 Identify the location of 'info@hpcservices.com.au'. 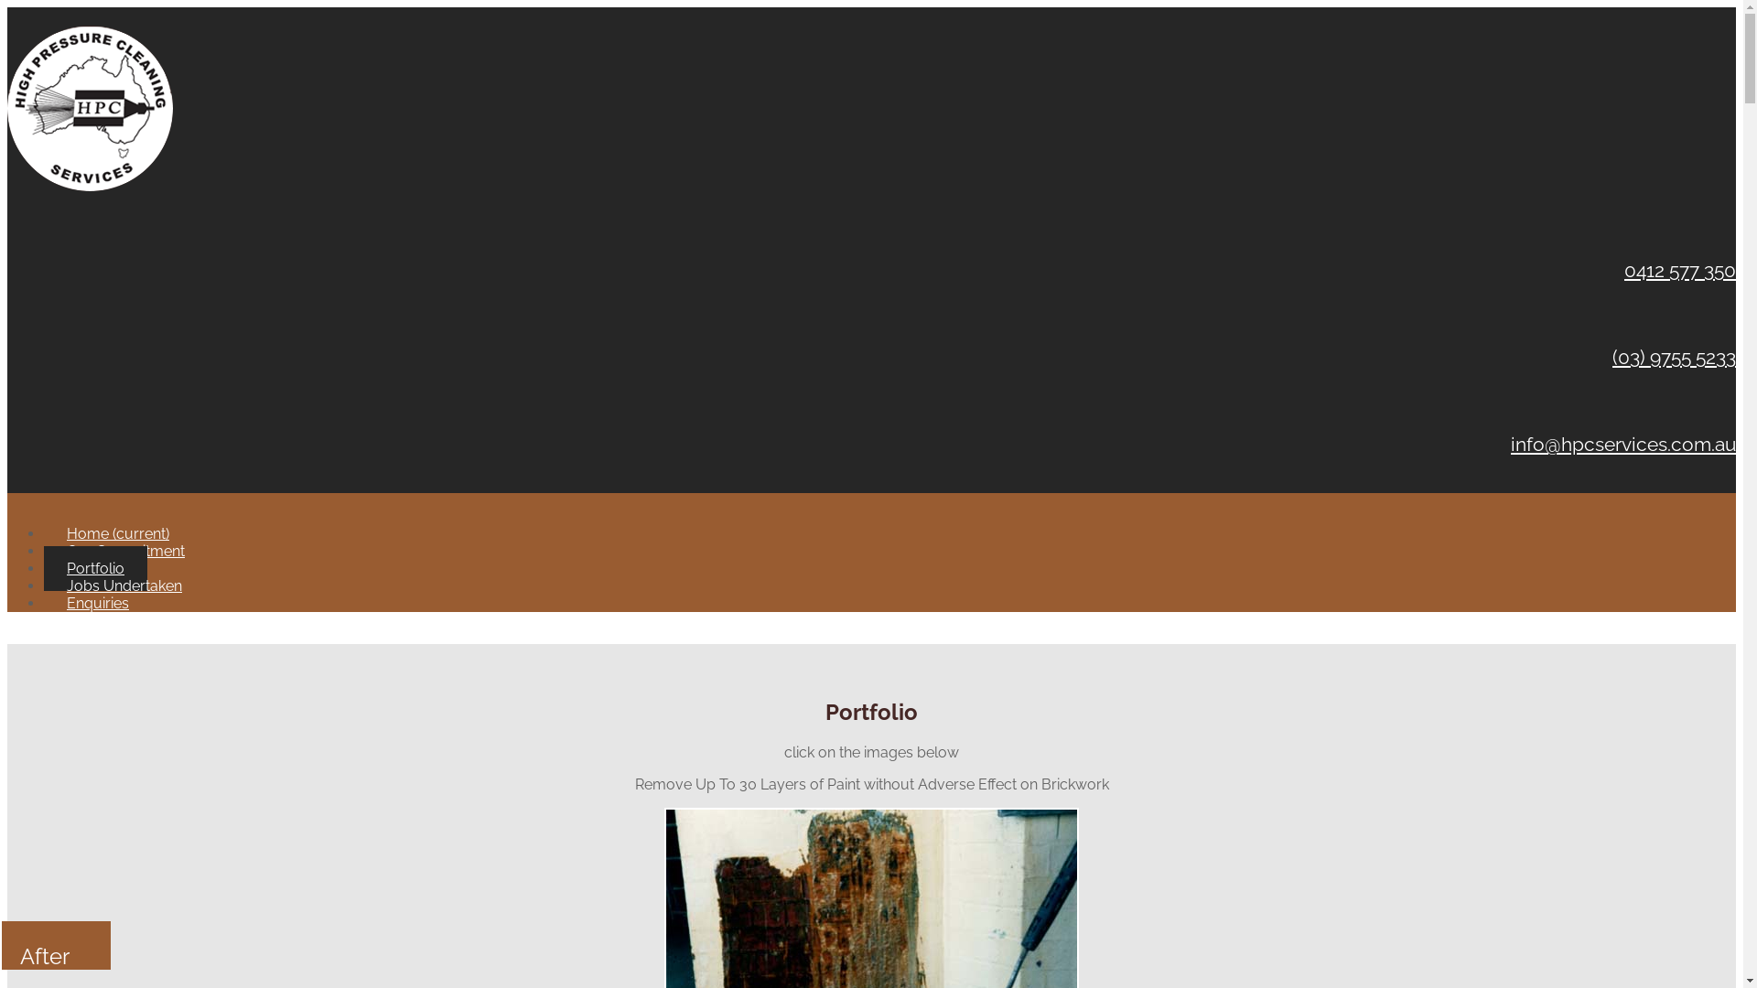
(1623, 444).